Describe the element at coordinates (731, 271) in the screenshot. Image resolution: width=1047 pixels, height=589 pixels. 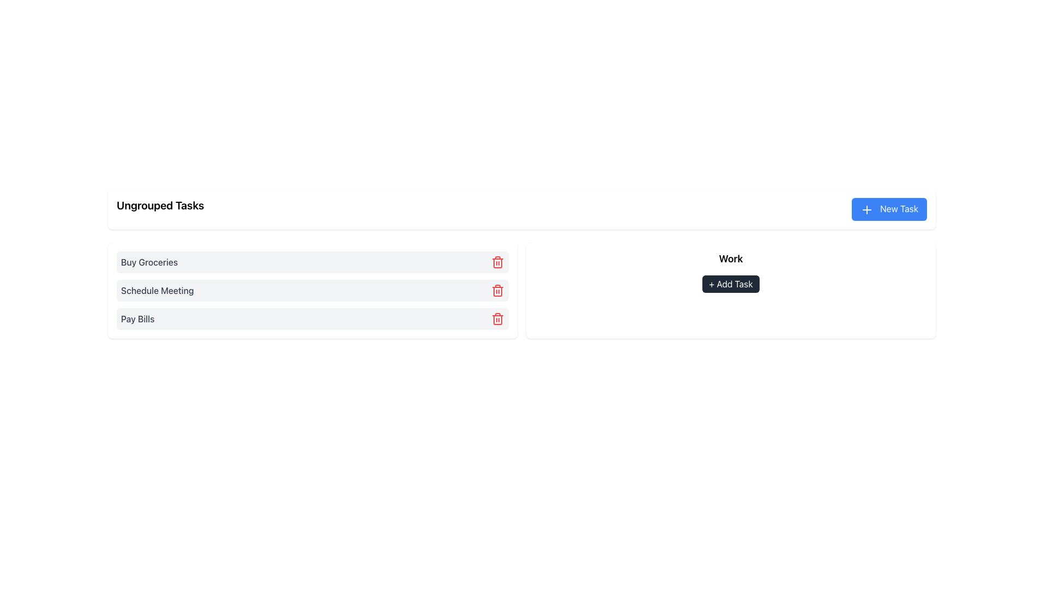
I see `the '+ Add Task' button, which is a rectangular button with rounded corners located below the heading 'Work'` at that location.